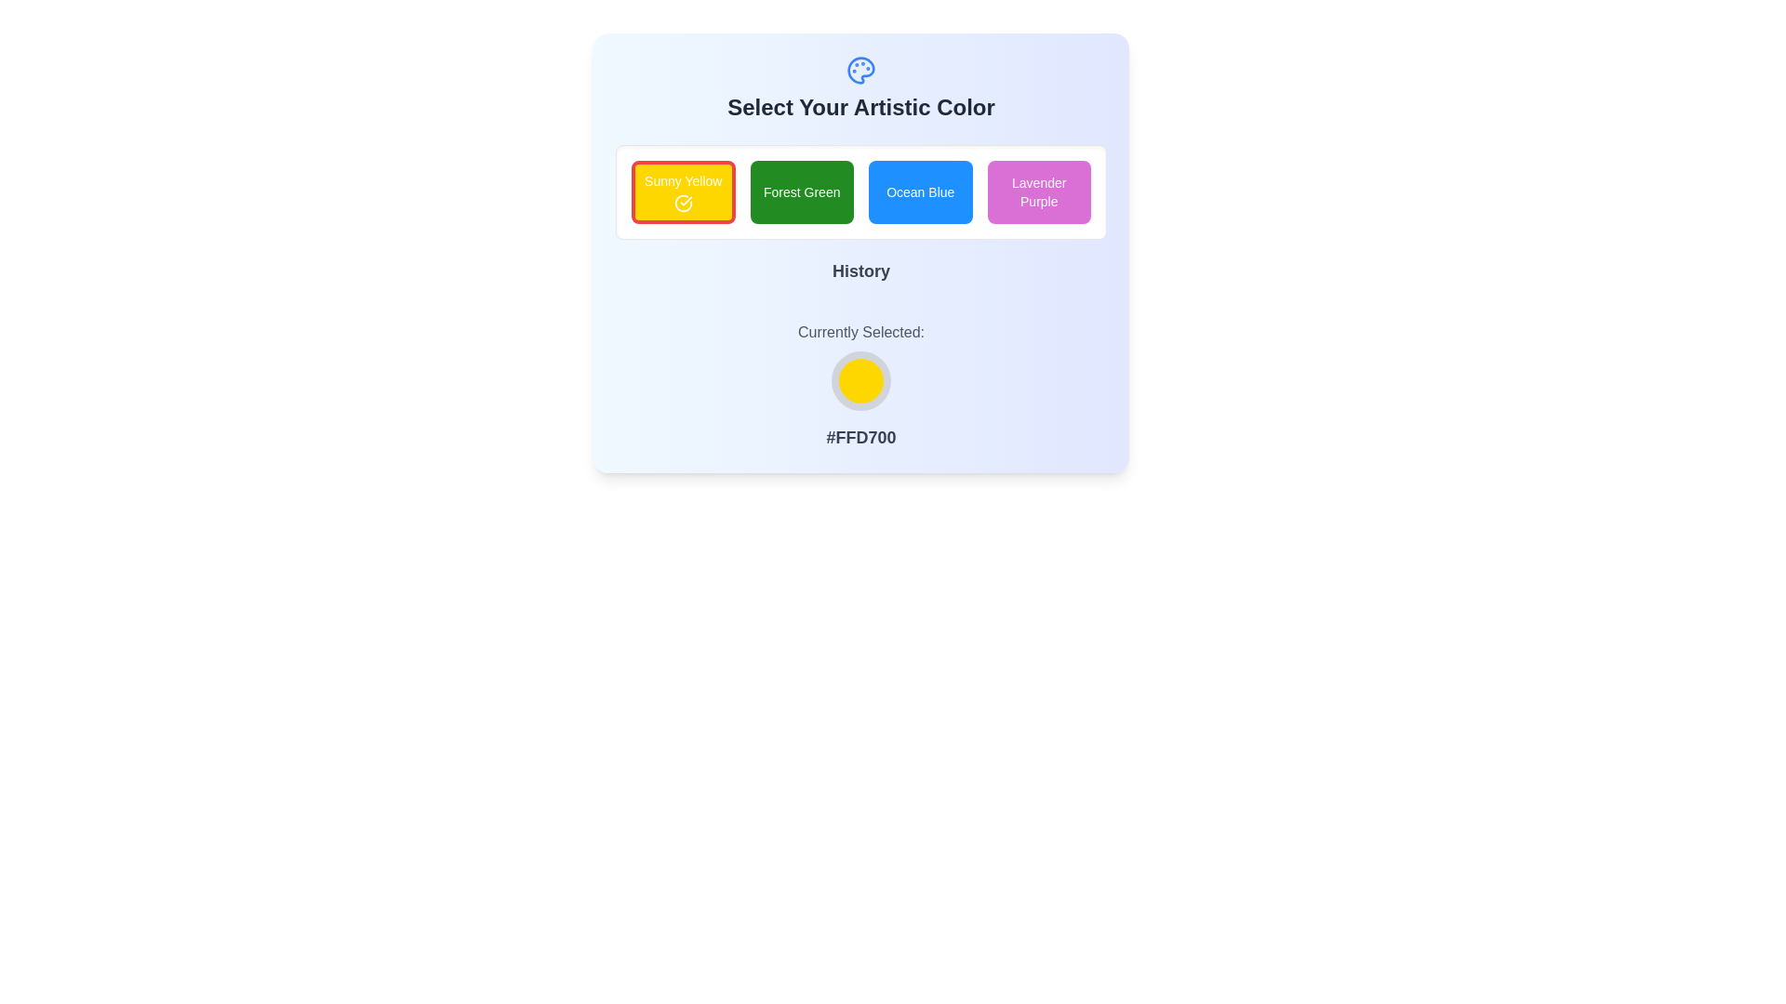  Describe the element at coordinates (860, 70) in the screenshot. I see `the artistic color selection icon, which is prominently positioned above the text 'Select Your Artistic Color'` at that location.